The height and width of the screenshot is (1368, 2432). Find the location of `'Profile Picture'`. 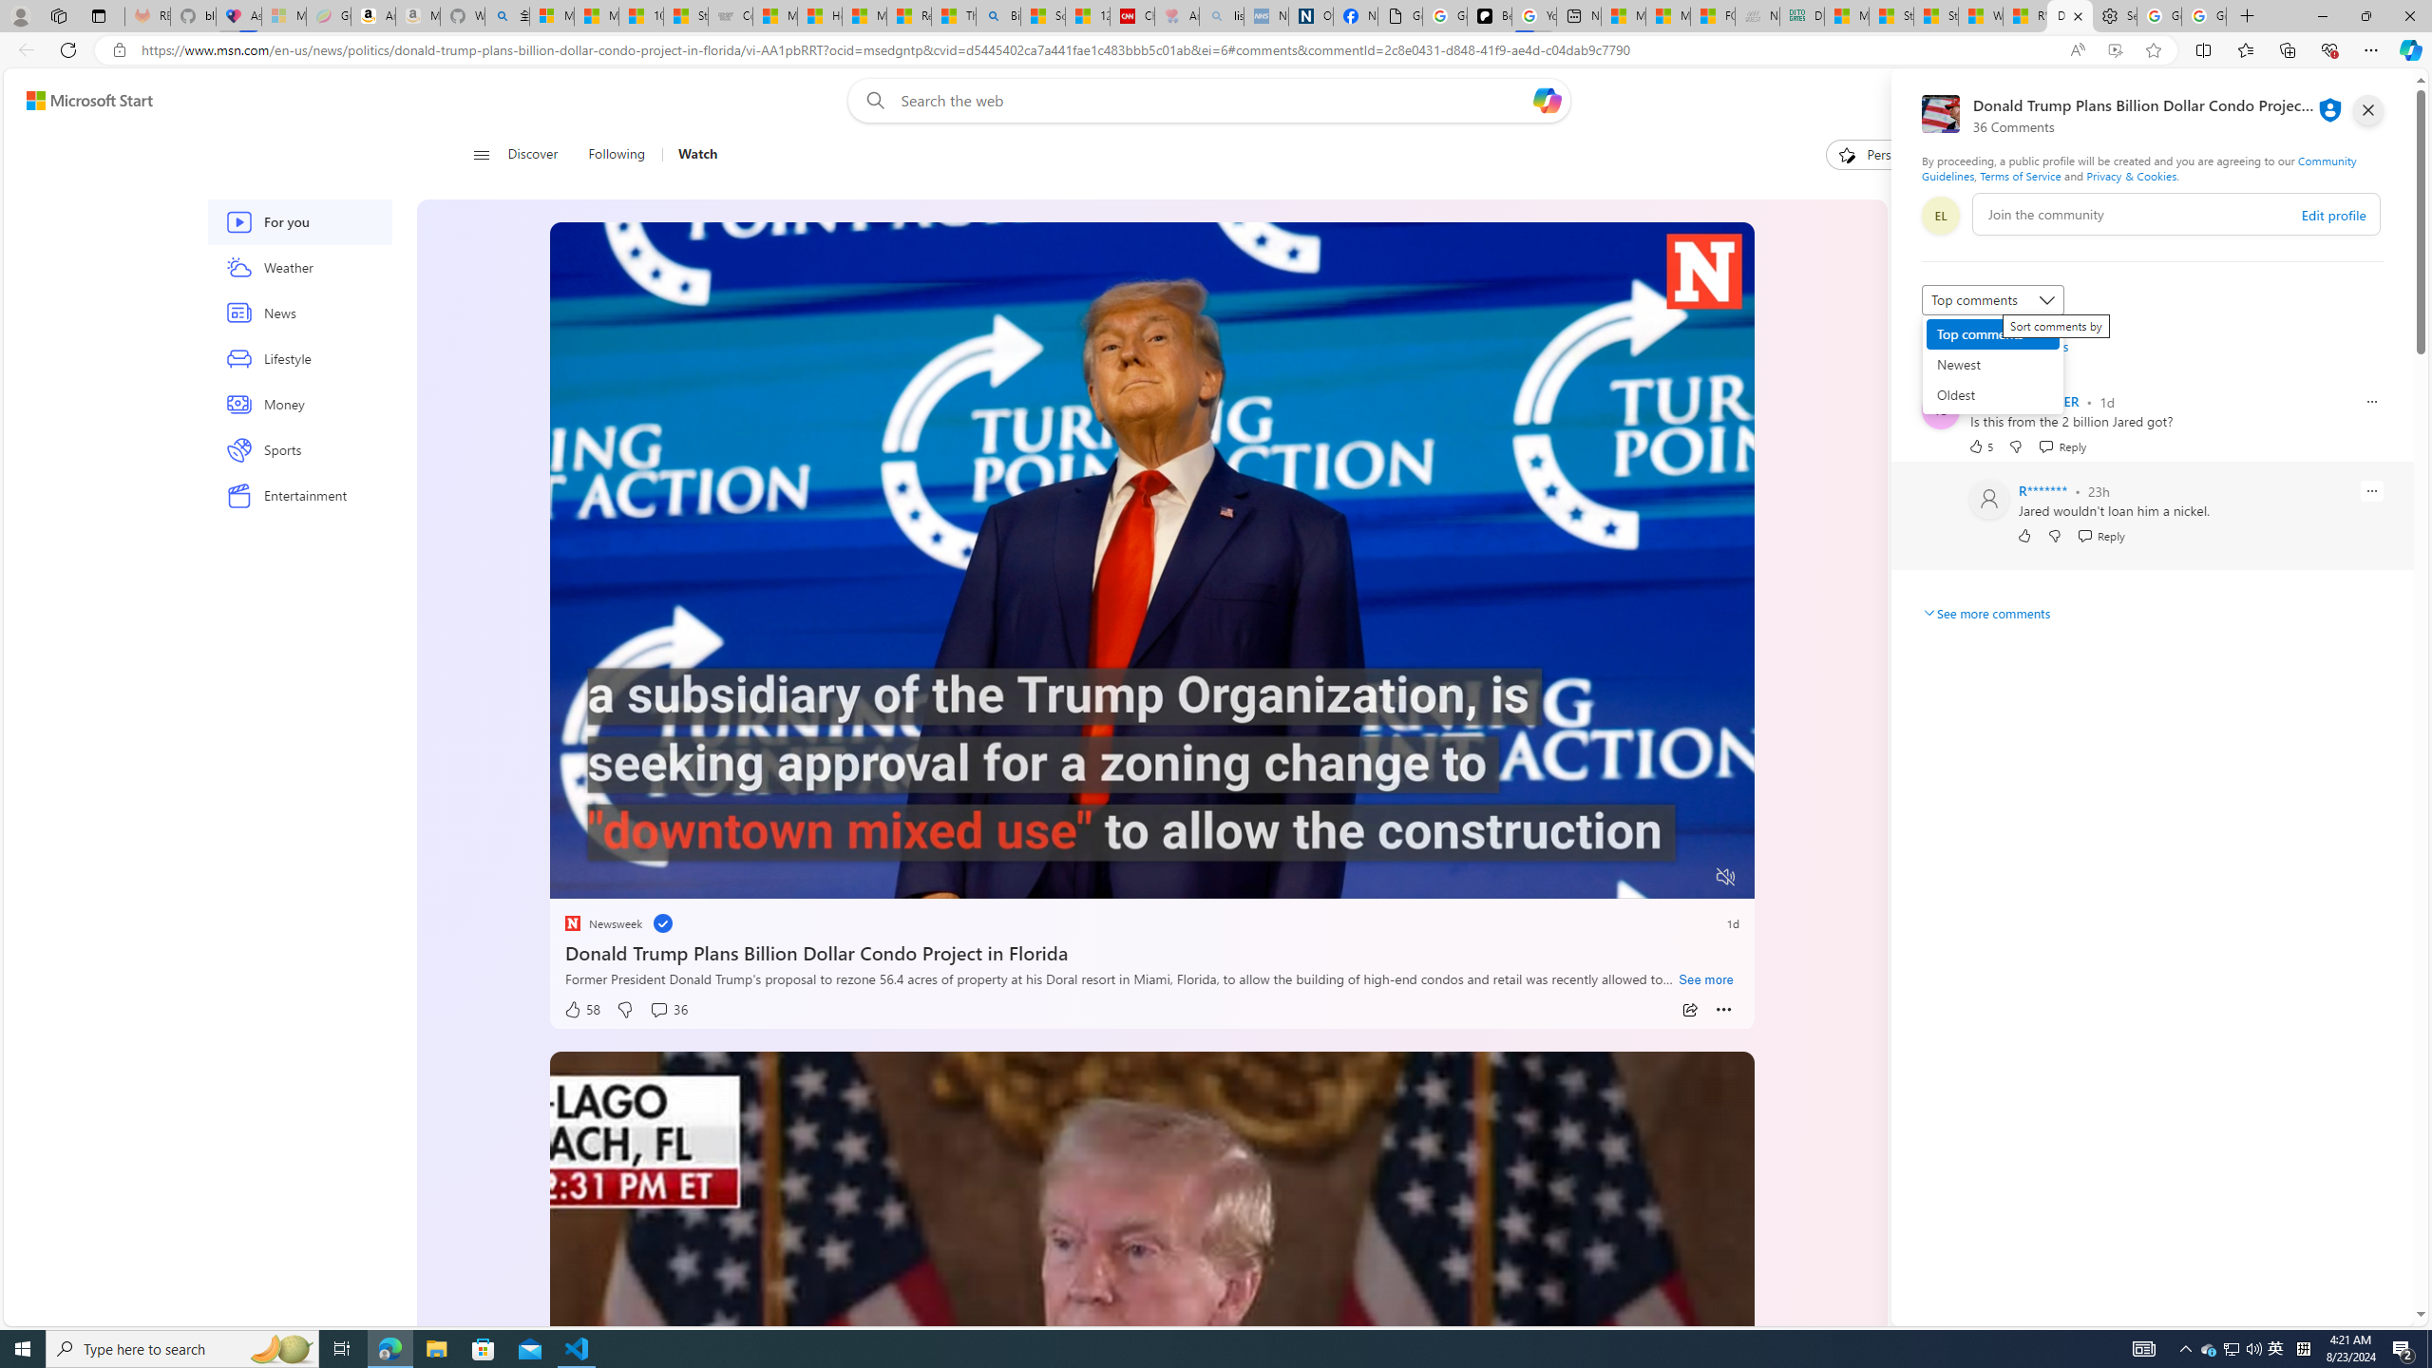

'Profile Picture' is located at coordinates (1989, 498).